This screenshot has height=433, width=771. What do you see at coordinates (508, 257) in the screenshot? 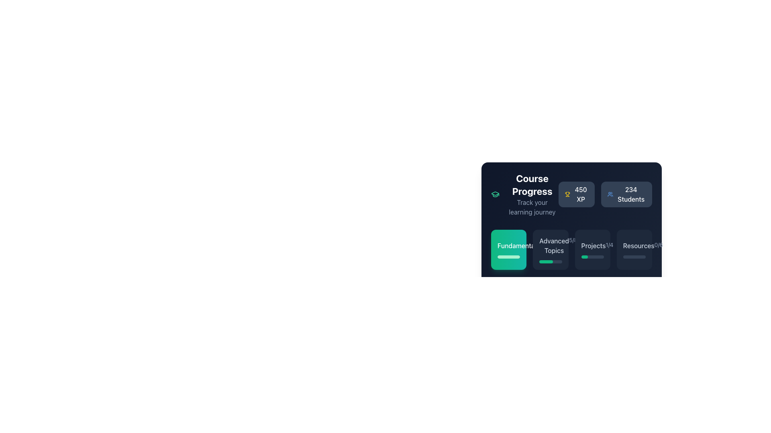
I see `the progress bar that visually represents the complete status of course fundamentals, which is located within the 'Fundamentals' card and is centered below the text 'Fundamentals' and '5/5'` at bounding box center [508, 257].